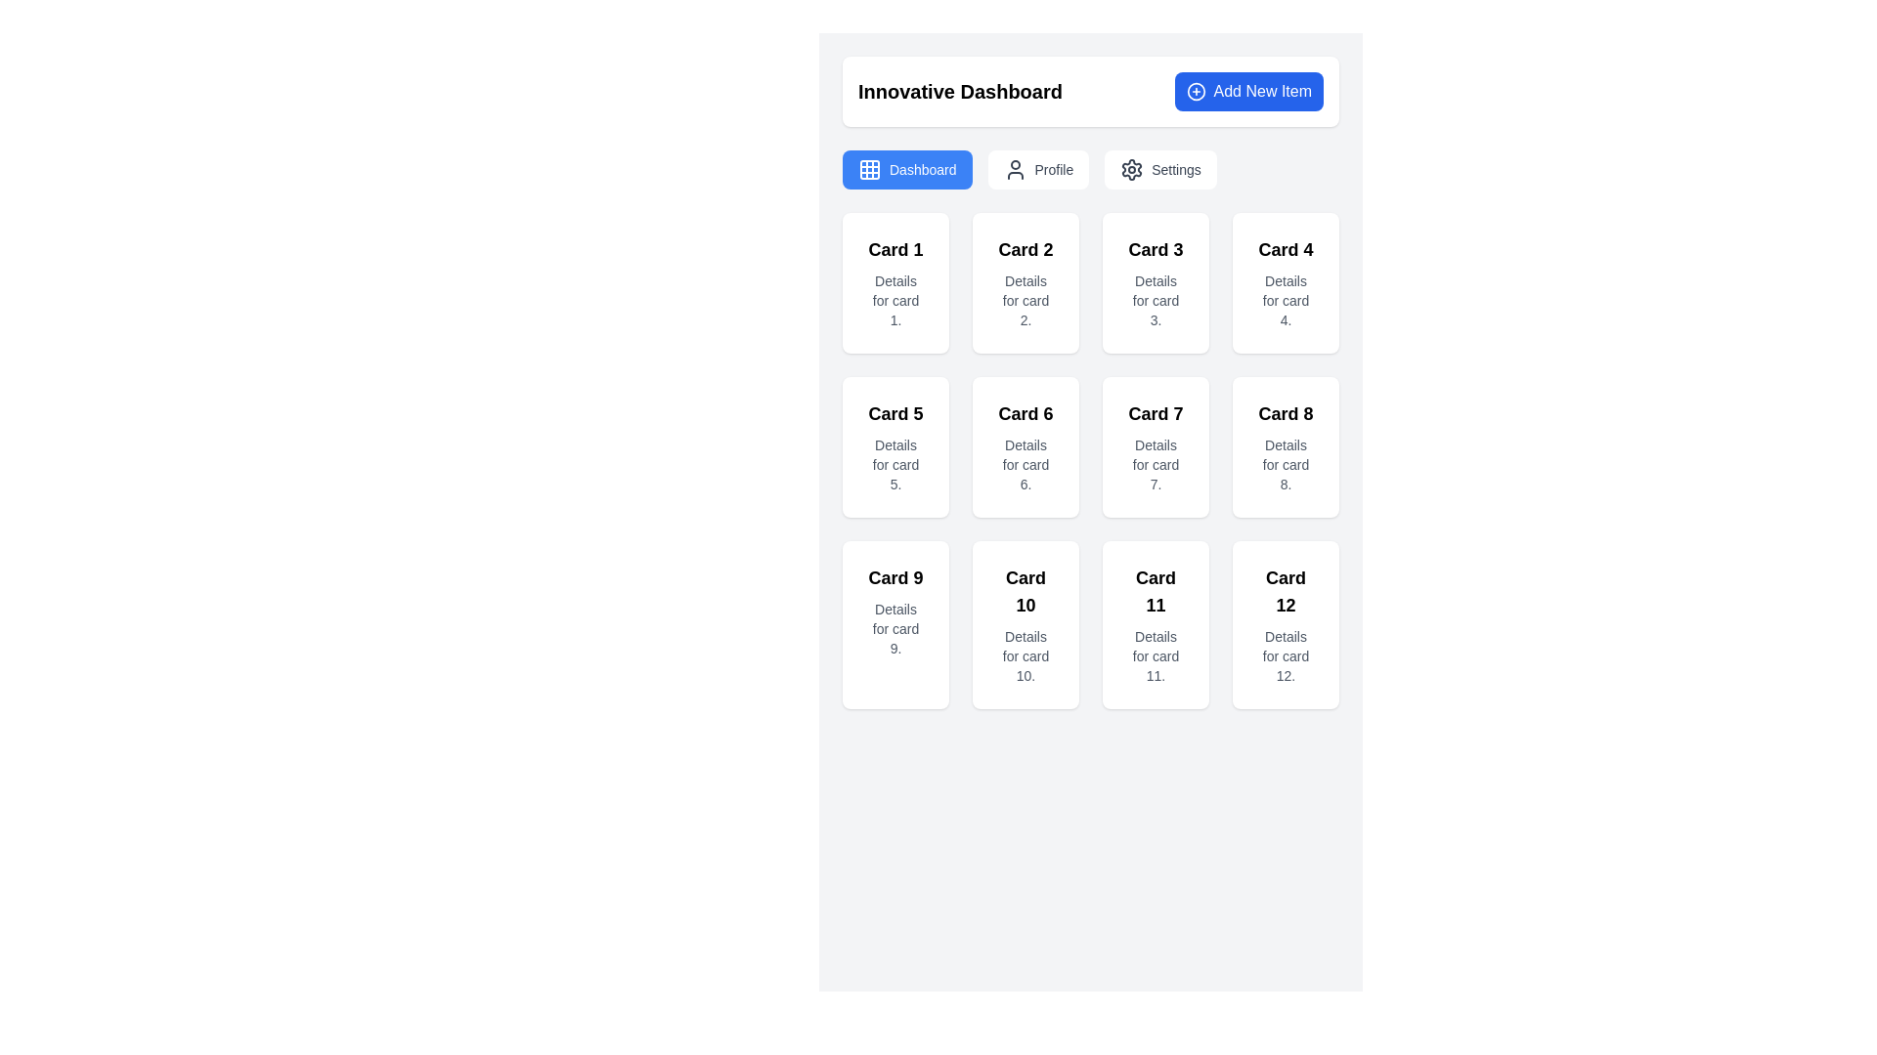  Describe the element at coordinates (895, 576) in the screenshot. I see `the static text element that serves as the title for 'Card 9', located in the second row and first column of the cards grid` at that location.